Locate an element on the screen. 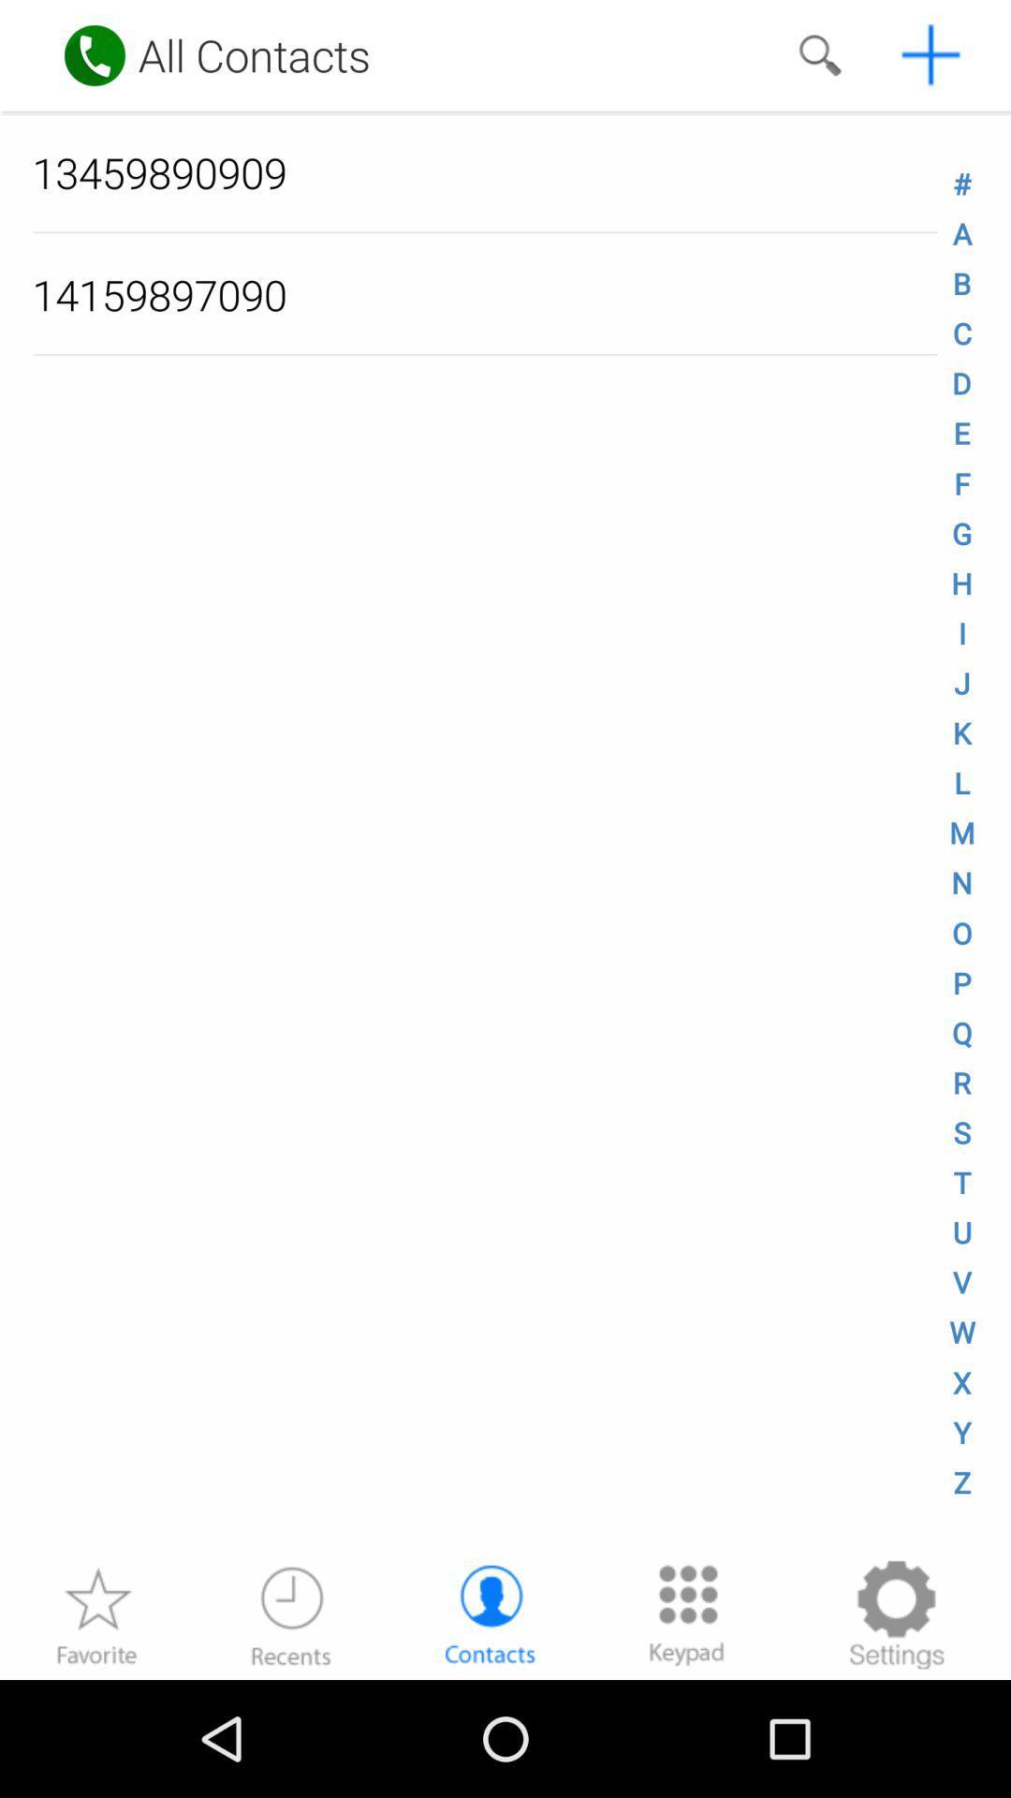 This screenshot has width=1011, height=1798. recent calls is located at coordinates (291, 1614).